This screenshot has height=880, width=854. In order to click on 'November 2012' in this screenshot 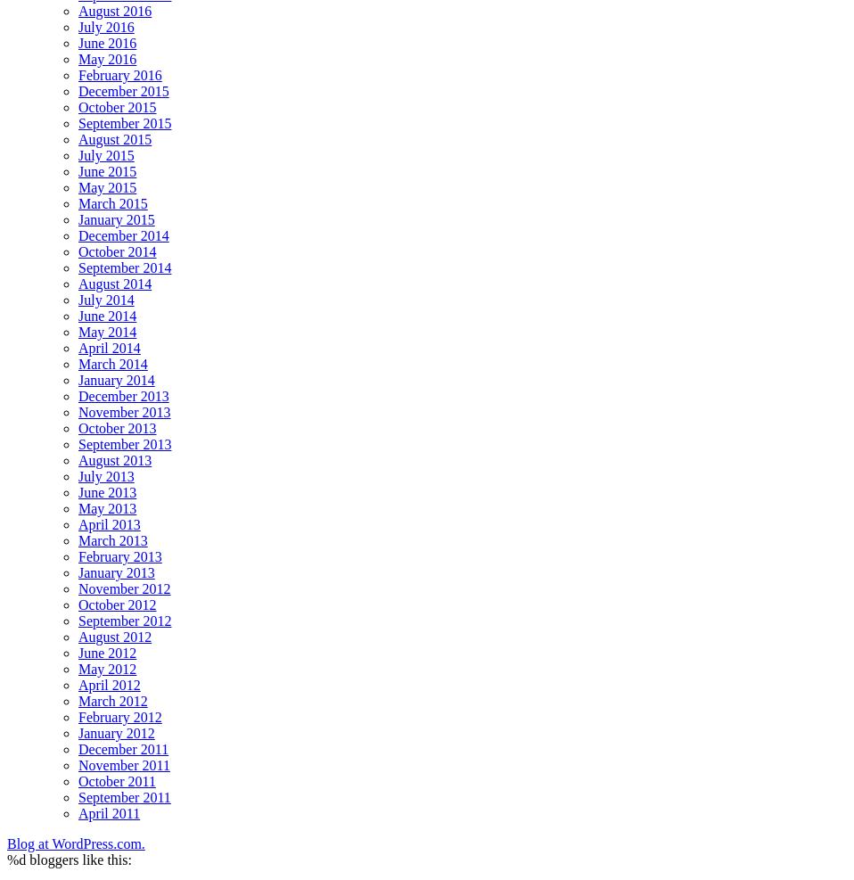, I will do `click(78, 588)`.